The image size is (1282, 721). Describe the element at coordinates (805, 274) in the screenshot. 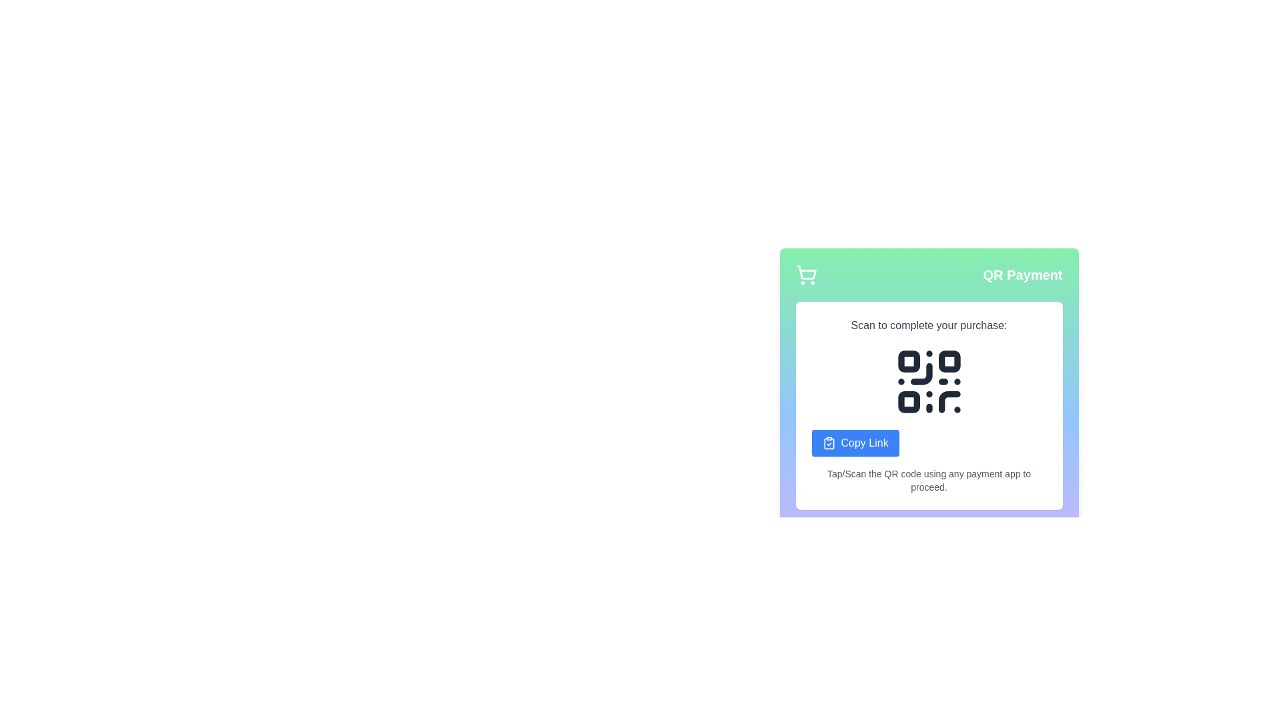

I see `the SVG icon designed as a stylized shopping cart located in the top-left corner of the header of the 'QR Payment' panel to observe its visual details` at that location.